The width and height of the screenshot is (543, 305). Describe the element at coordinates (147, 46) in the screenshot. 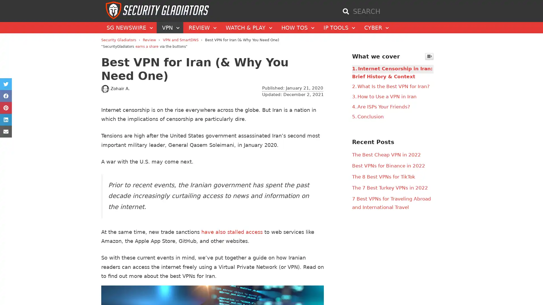

I see `earns a share` at that location.